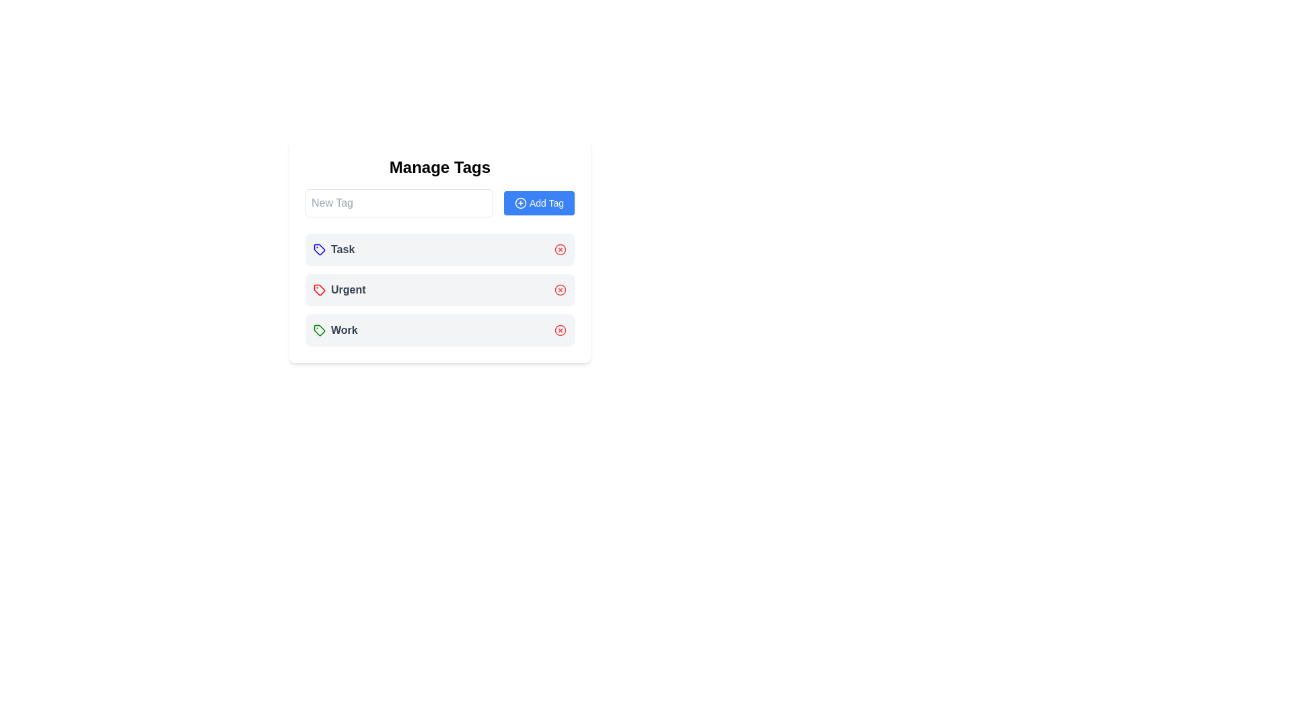 The image size is (1292, 727). Describe the element at coordinates (343, 249) in the screenshot. I see `the 'Task' label that is styled with a bold font and dark gray color, located to the right of a blue tag icon` at that location.